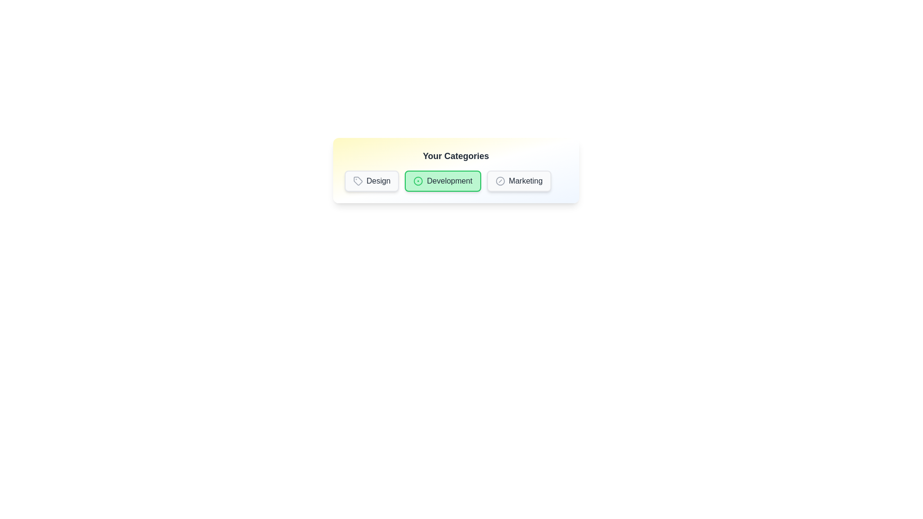  What do you see at coordinates (518, 181) in the screenshot?
I see `the badge labeled Marketing` at bounding box center [518, 181].